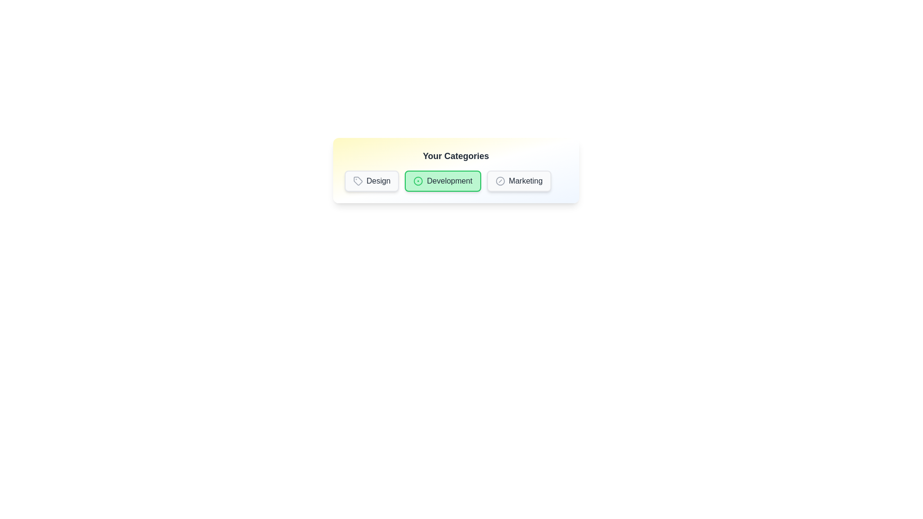  What do you see at coordinates (518, 181) in the screenshot?
I see `the badge labeled Marketing` at bounding box center [518, 181].